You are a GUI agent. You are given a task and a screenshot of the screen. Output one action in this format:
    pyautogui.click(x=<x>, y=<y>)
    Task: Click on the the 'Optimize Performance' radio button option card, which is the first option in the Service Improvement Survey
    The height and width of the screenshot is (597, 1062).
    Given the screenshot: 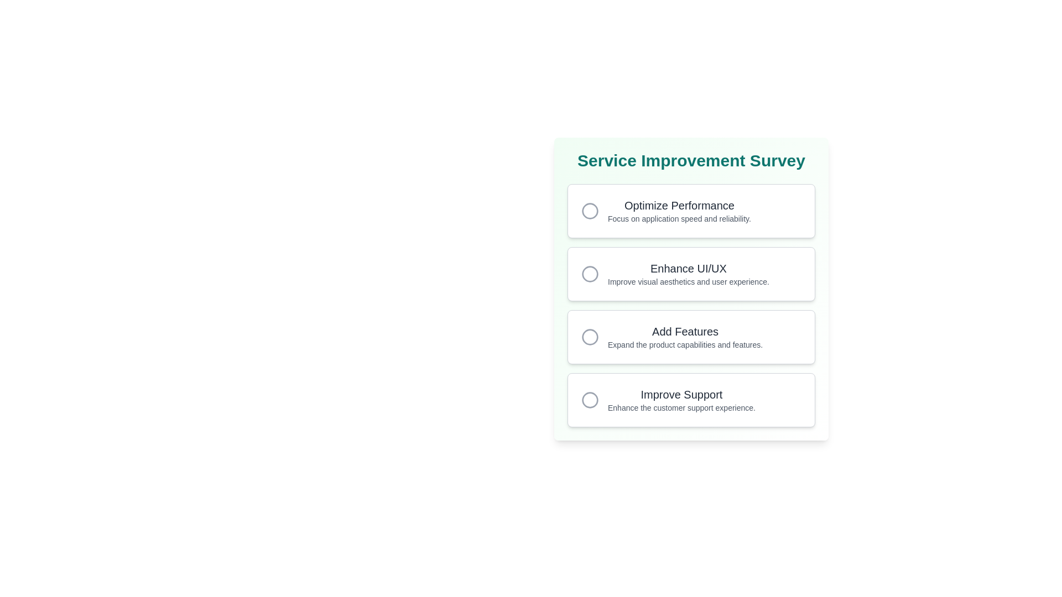 What is the action you would take?
    pyautogui.click(x=690, y=211)
    